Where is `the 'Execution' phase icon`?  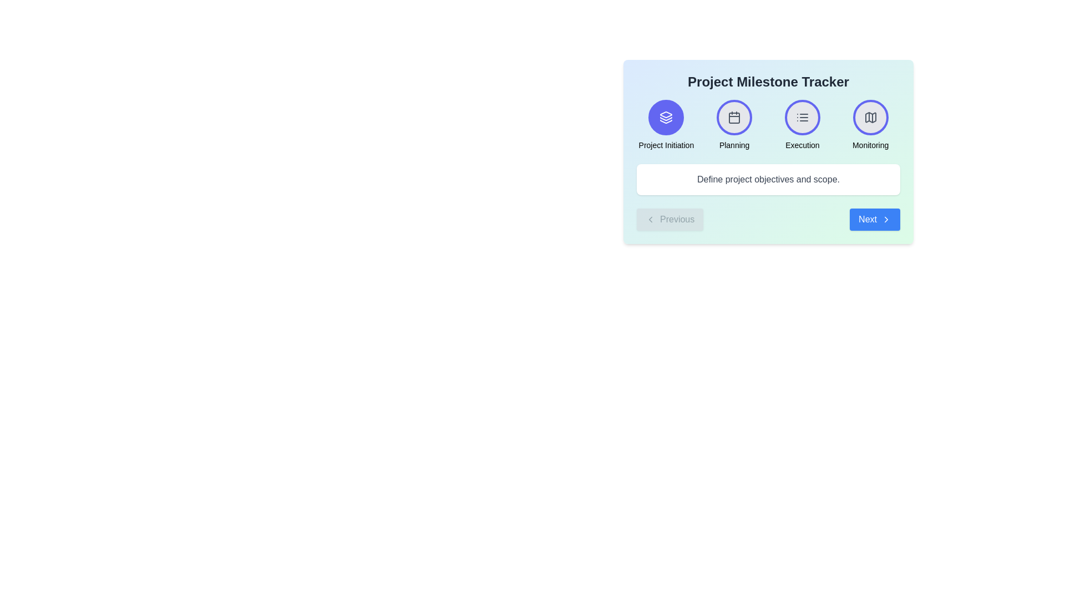
the 'Execution' phase icon is located at coordinates (802, 118).